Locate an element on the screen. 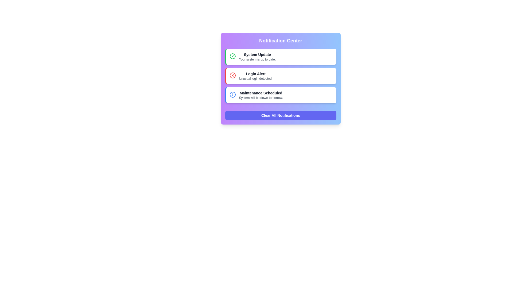  the circular success icon with a green outline and checkmark, located to the left of the 'System Update' title is located at coordinates (232, 57).